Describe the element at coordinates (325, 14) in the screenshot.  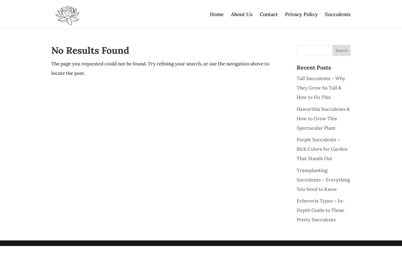
I see `'Succulents'` at that location.